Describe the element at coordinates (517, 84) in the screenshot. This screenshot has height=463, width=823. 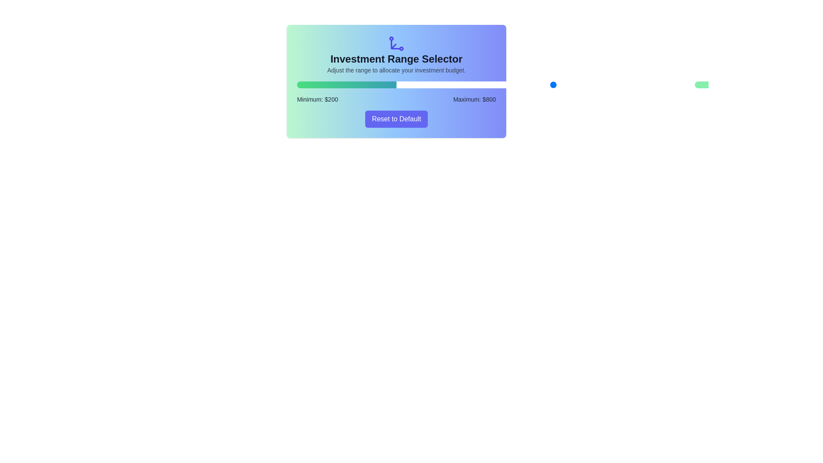
I see `the maximum investment range to 565 by dragging the right slider` at that location.